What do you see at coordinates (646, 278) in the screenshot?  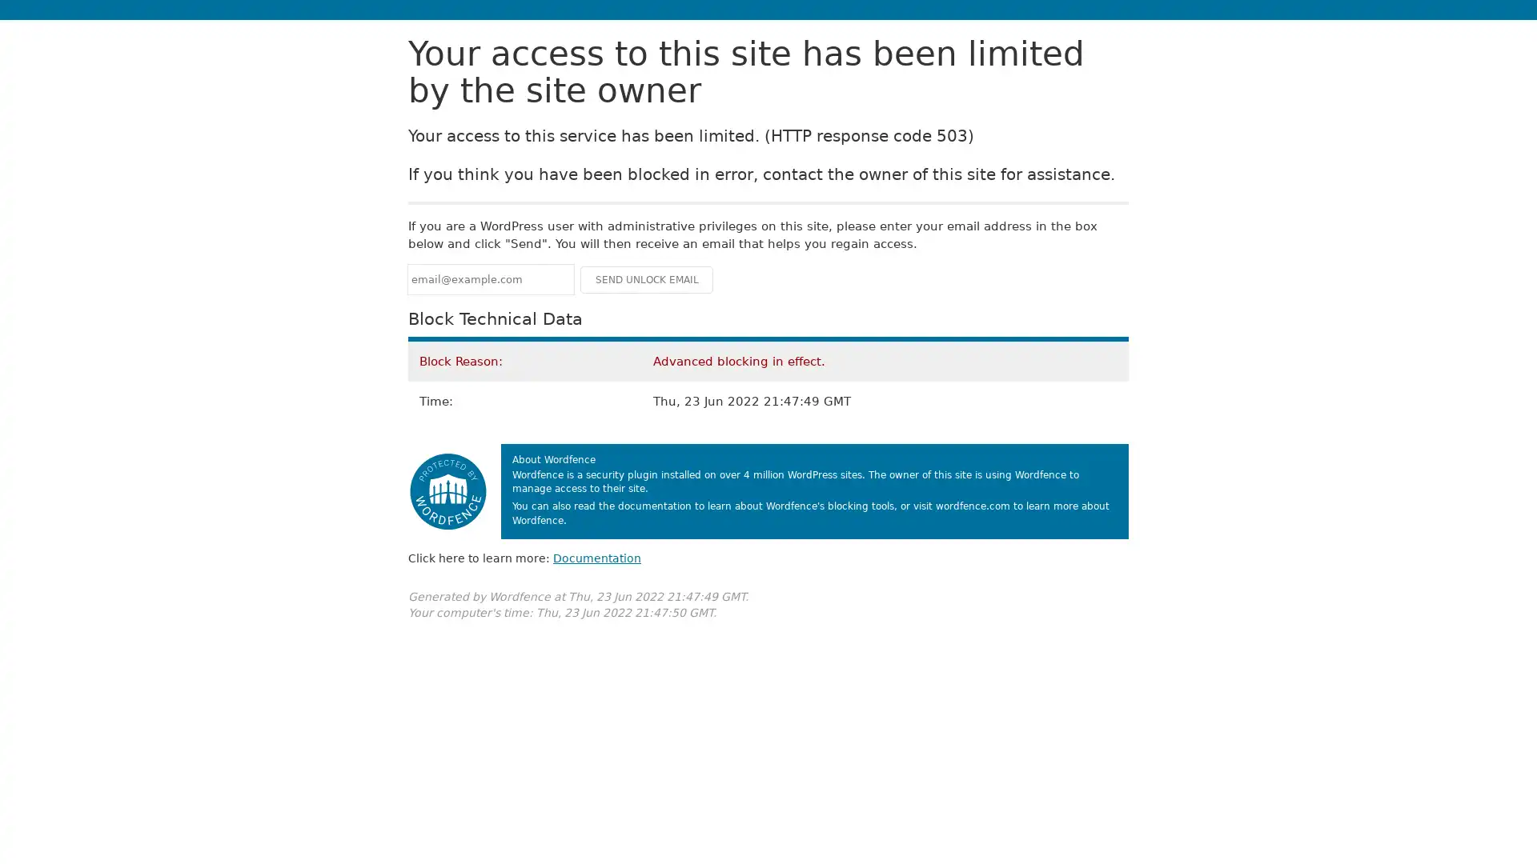 I see `Send Unlock Email` at bounding box center [646, 278].